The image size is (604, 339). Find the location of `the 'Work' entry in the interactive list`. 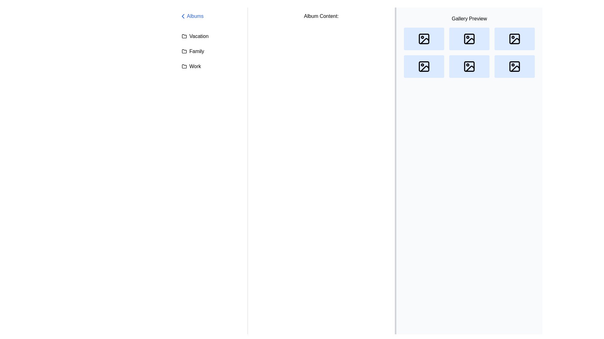

the 'Work' entry in the interactive list is located at coordinates (211, 67).